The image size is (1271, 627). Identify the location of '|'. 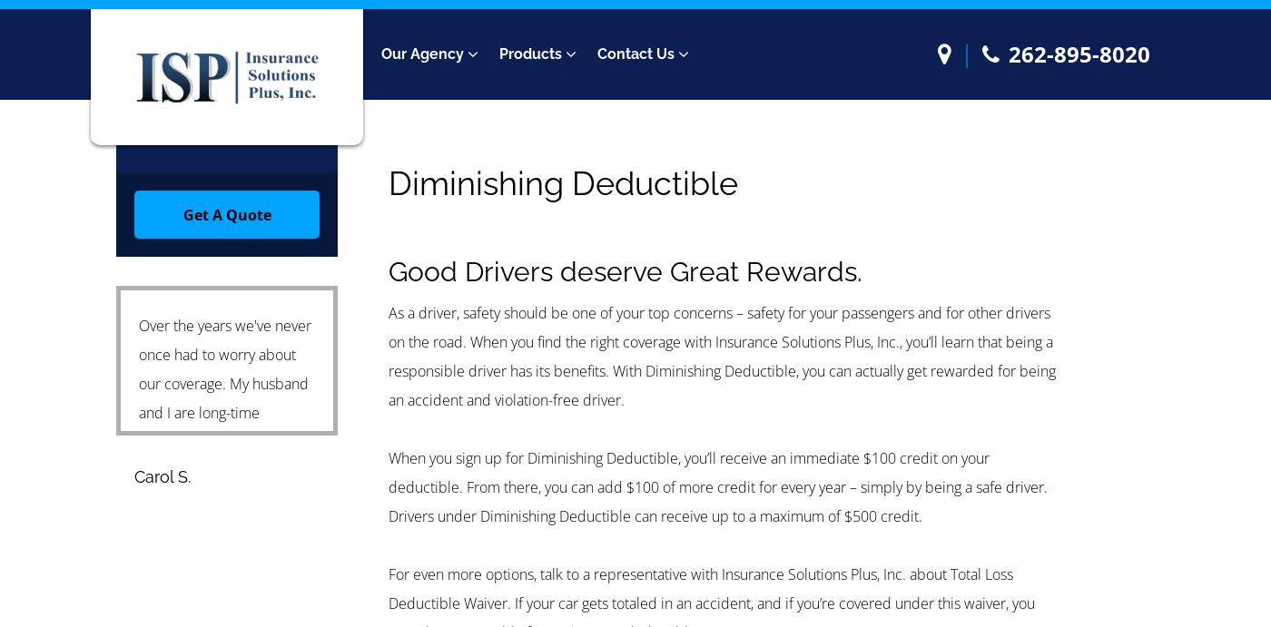
(966, 53).